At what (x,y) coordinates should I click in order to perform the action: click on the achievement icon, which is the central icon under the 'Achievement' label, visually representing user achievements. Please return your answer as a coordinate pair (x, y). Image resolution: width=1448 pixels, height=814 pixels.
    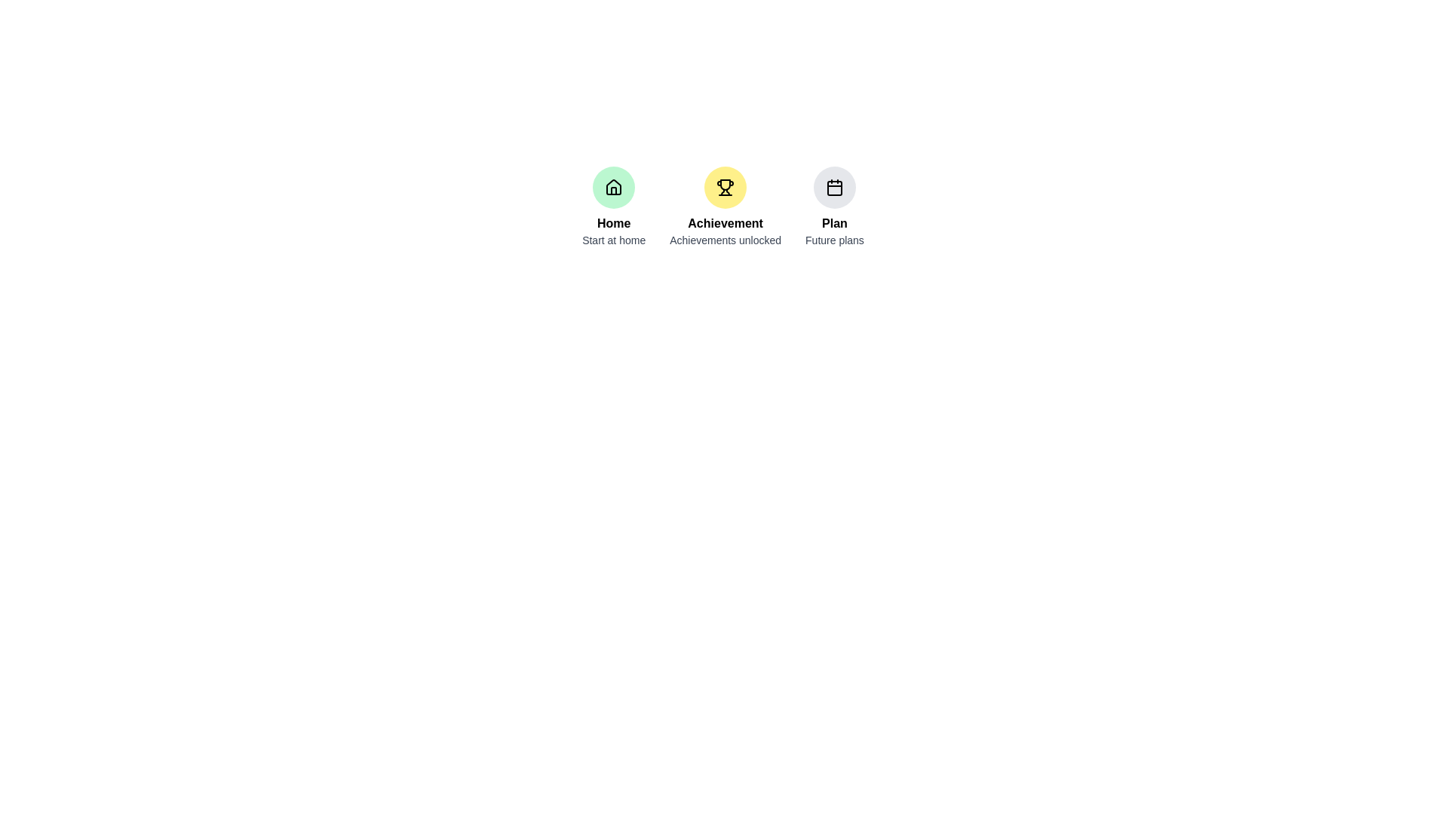
    Looking at the image, I should click on (726, 184).